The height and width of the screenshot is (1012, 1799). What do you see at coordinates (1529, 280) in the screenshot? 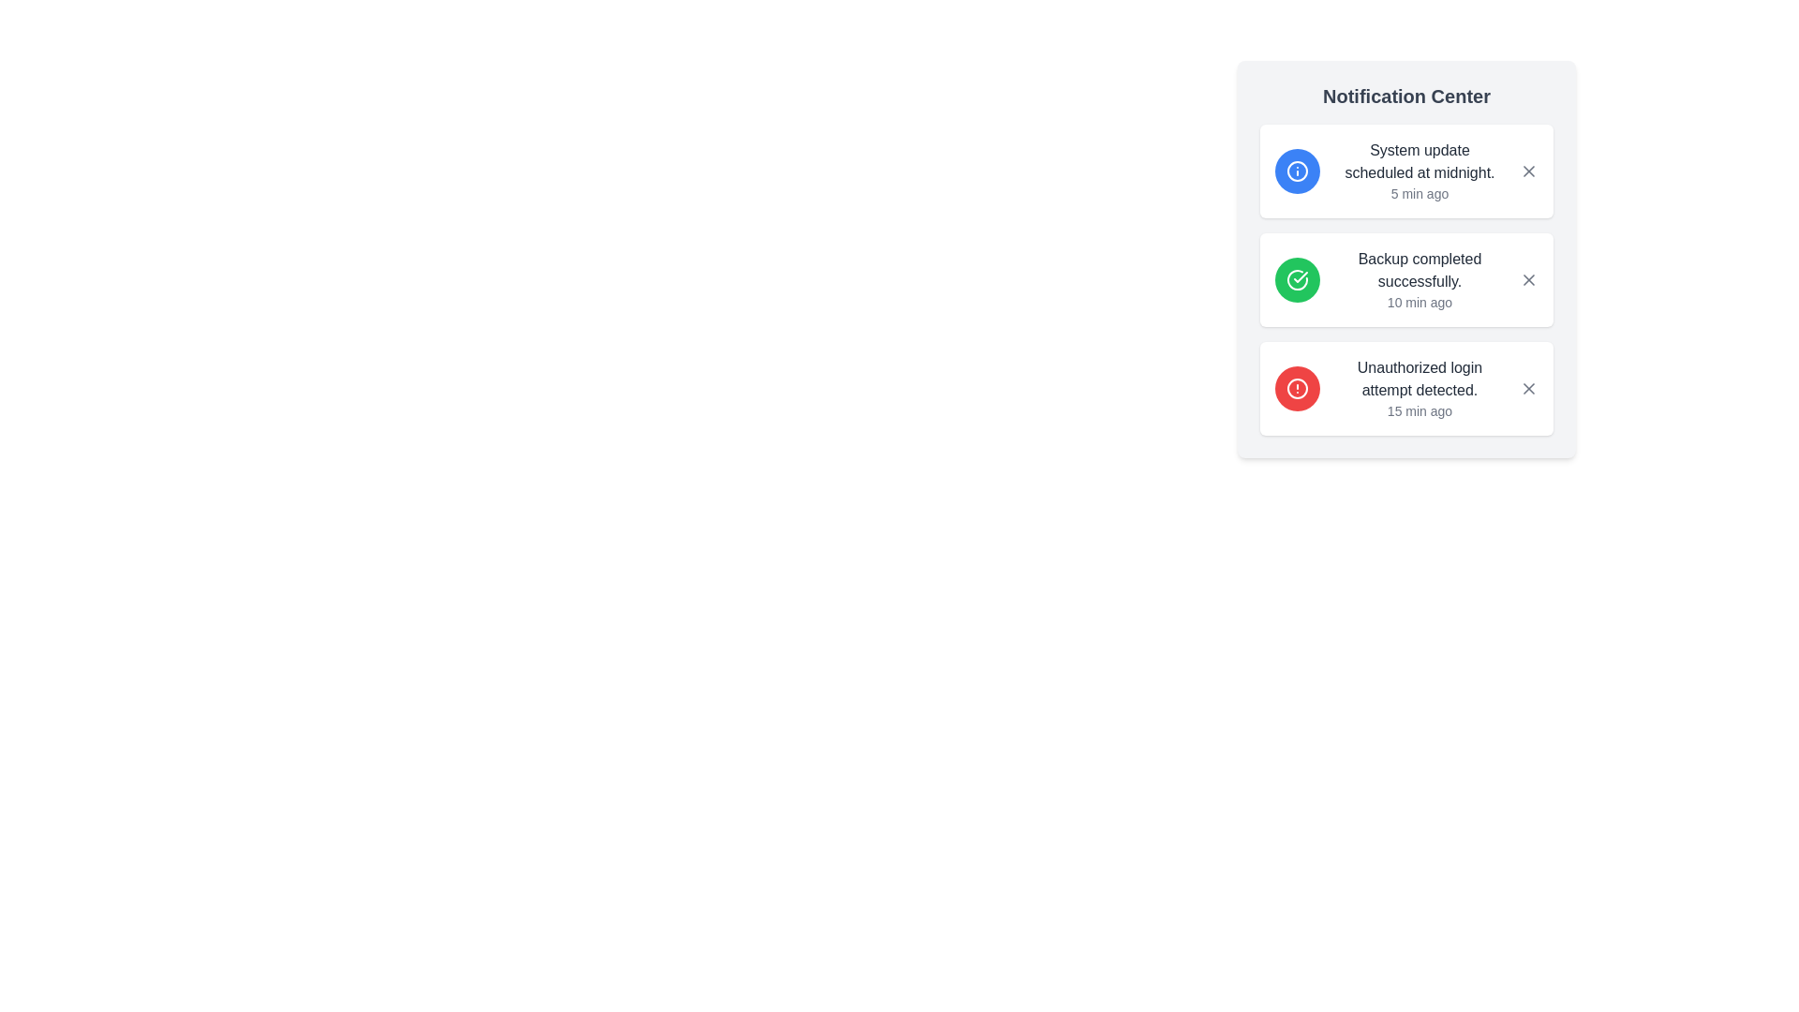
I see `the close button located at the far right of the notification labeled 'Backup completed successfully. 10 min ago'` at bounding box center [1529, 280].